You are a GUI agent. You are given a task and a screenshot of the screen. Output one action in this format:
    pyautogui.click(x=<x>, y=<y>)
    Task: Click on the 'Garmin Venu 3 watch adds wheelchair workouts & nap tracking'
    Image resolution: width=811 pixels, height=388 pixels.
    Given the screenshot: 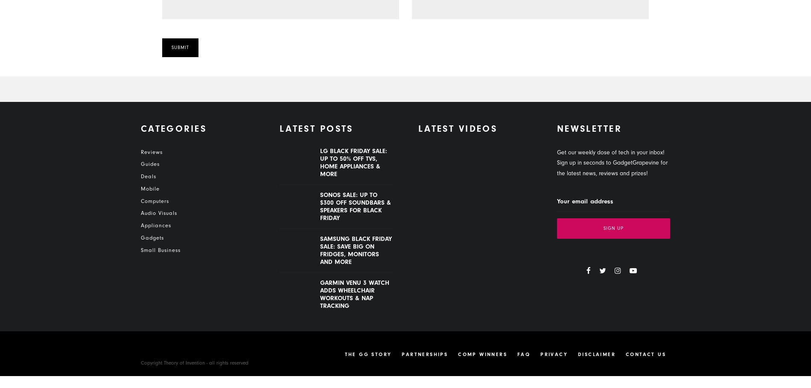 What is the action you would take?
    pyautogui.click(x=354, y=294)
    